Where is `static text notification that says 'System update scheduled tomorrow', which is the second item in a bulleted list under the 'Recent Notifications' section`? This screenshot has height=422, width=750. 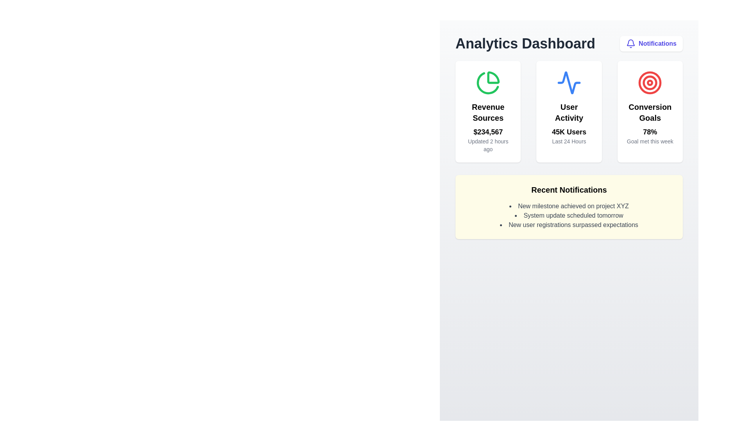 static text notification that says 'System update scheduled tomorrow', which is the second item in a bulleted list under the 'Recent Notifications' section is located at coordinates (569, 215).